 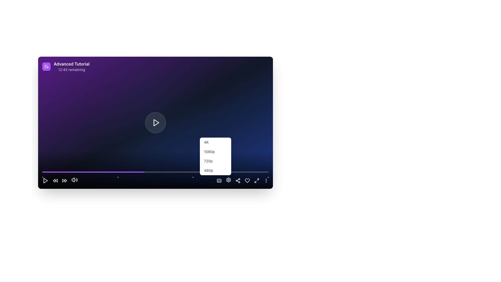 I want to click on the rewind icon, which is represented by two overlapping triangular shapes pointing to the left, located in the bottom horizontal control bar of the media player interface, so click(x=55, y=180).